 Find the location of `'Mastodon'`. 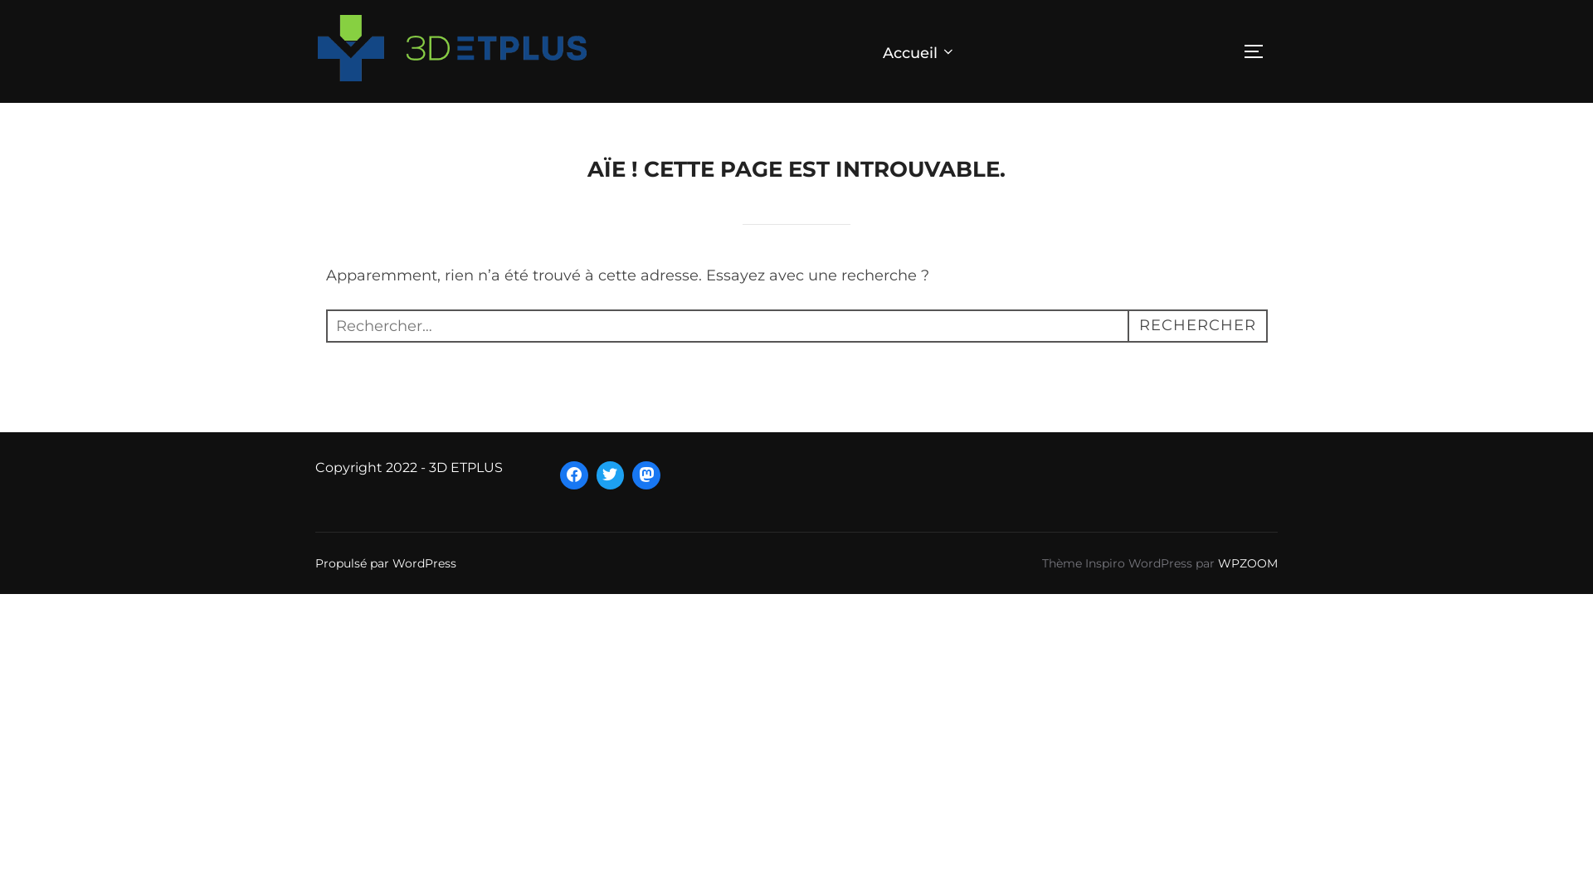

'Mastodon' is located at coordinates (645, 475).